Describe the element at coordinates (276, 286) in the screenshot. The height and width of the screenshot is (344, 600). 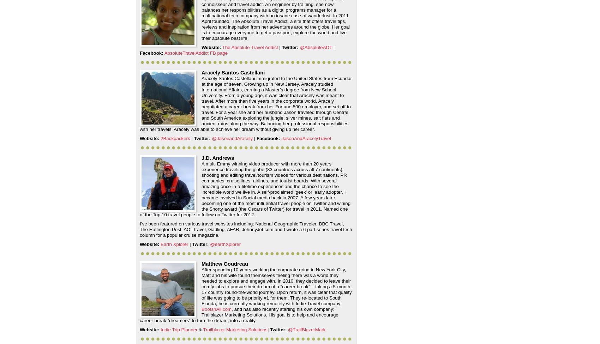
I see `'After spending 10 years working the corporate grind in New York City, Matt and his wife found themselves feeling there was a world they needed to explore and engage with. In 2010, they decided to leave their comfy jobs to pursue their dream of a “career break” – taking a 5-month, 17 country round-the-world journey. Upon return, it was clear that quality of life was going to be priority #1 for them. They re-located to South Florida, he is currently working remotely with Indie Travel company'` at that location.